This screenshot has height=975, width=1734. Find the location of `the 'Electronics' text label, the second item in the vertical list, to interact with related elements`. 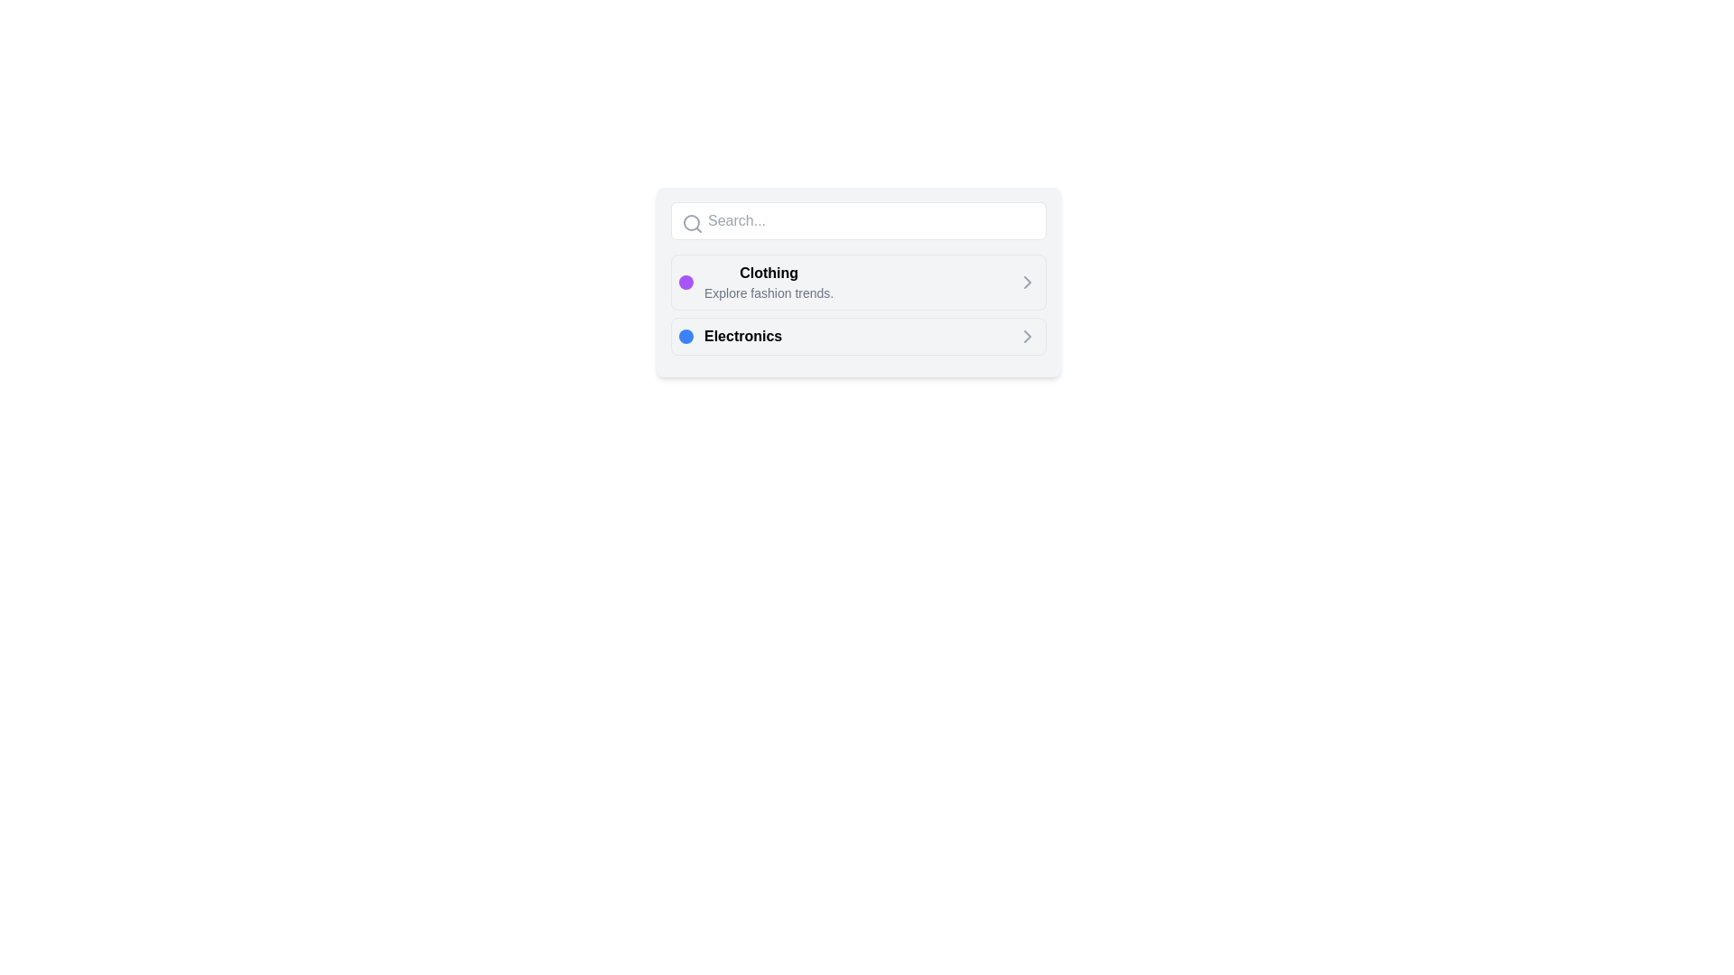

the 'Electronics' text label, the second item in the vertical list, to interact with related elements is located at coordinates (743, 337).